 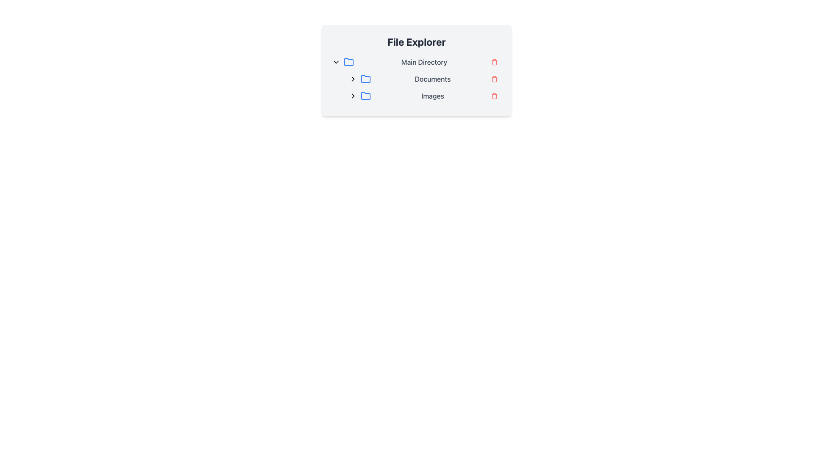 What do you see at coordinates (335, 61) in the screenshot?
I see `the downward chevron toggle button located above the blue folder icon labeled 'Main Directory'` at bounding box center [335, 61].